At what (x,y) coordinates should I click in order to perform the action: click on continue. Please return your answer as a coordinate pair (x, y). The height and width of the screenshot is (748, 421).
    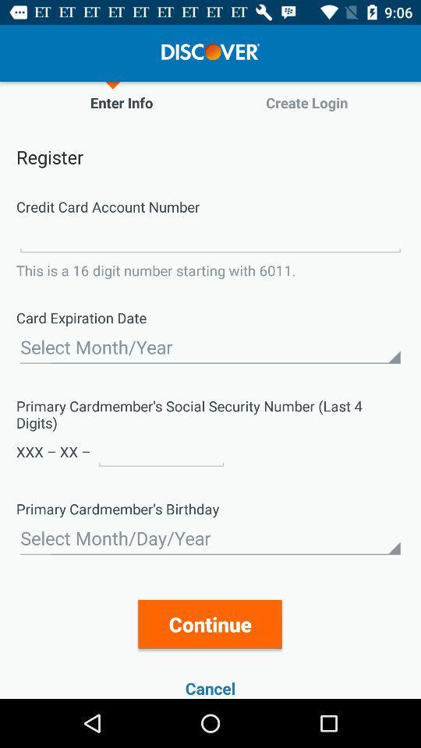
    Looking at the image, I should click on (210, 624).